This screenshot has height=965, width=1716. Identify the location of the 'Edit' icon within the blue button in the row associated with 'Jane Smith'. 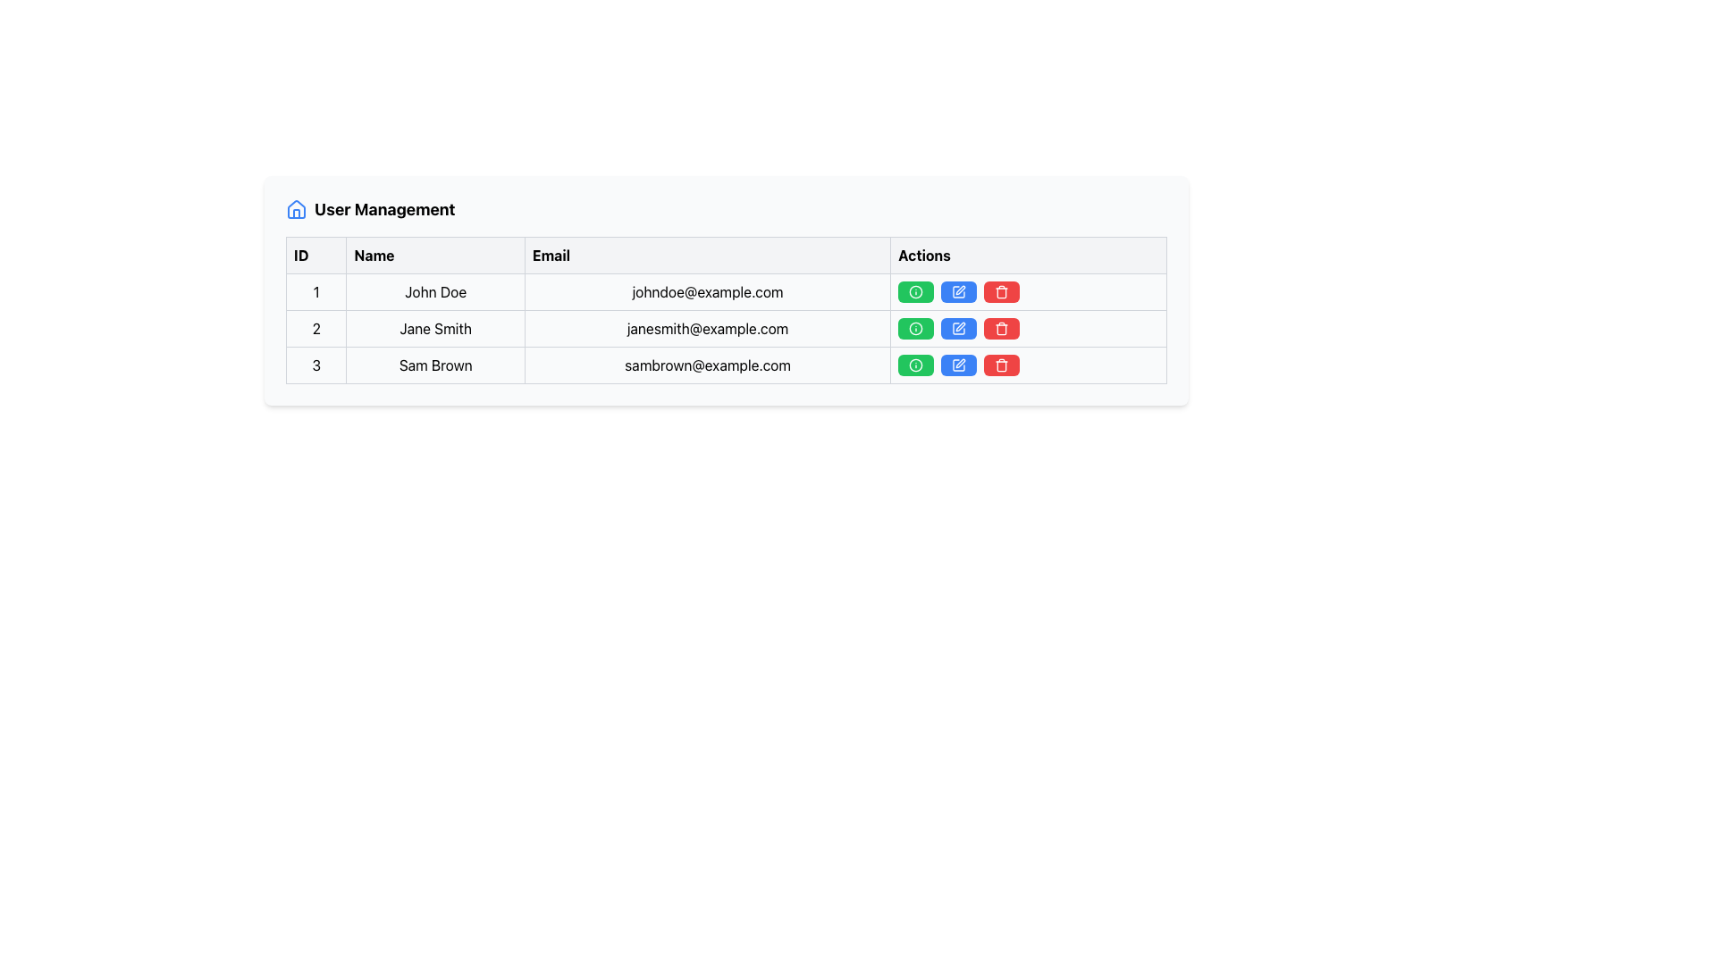
(960, 327).